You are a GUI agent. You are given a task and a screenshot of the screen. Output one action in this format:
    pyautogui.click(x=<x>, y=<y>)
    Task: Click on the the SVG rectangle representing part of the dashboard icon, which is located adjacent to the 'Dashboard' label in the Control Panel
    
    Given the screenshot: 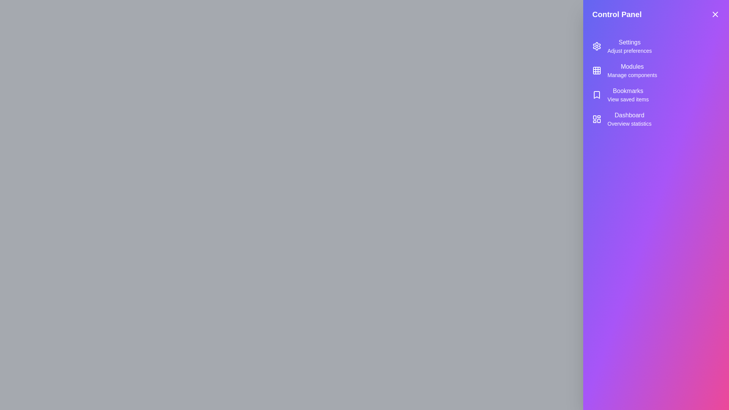 What is the action you would take?
    pyautogui.click(x=598, y=120)
    